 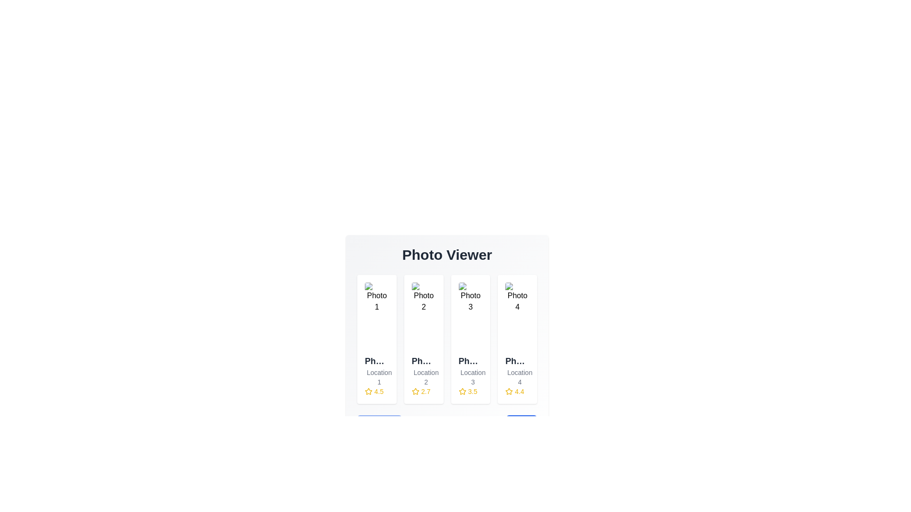 What do you see at coordinates (517, 316) in the screenshot?
I see `the placeholder image labeled 'Photo 4'` at bounding box center [517, 316].